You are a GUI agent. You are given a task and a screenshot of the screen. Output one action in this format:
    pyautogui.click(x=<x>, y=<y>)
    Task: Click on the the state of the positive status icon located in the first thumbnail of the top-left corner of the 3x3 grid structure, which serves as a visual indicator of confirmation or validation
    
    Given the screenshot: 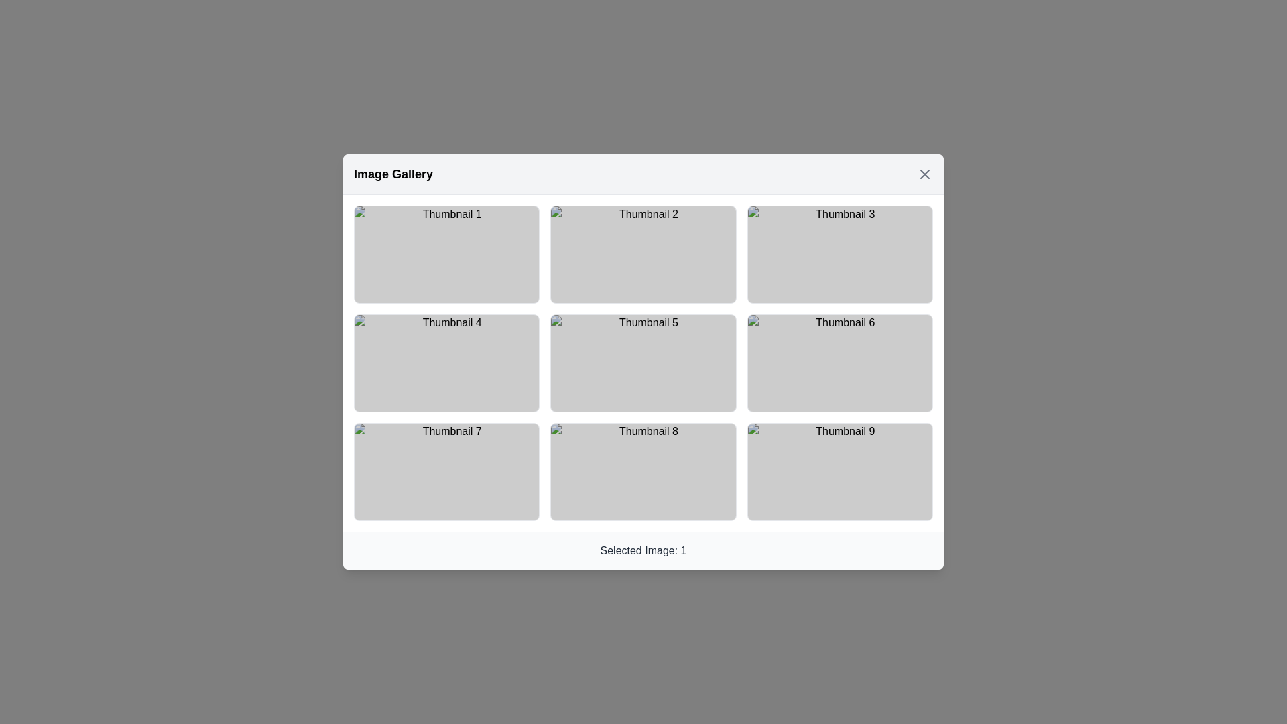 What is the action you would take?
    pyautogui.click(x=446, y=255)
    